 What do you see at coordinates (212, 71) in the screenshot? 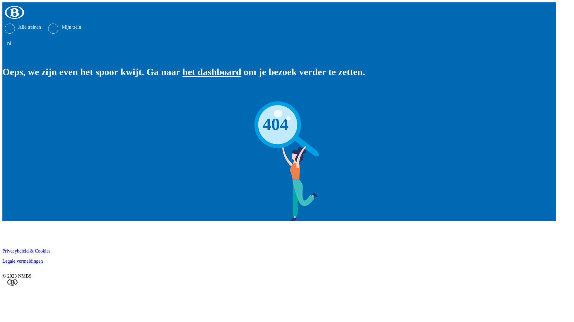
I see `'het dashboard'` at bounding box center [212, 71].